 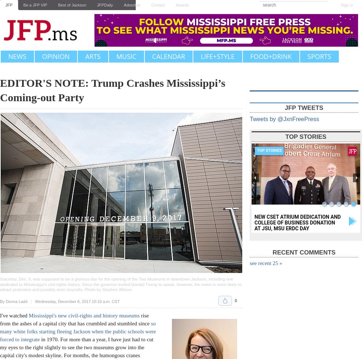 I want to click on 'Food+Drink', so click(x=250, y=56).